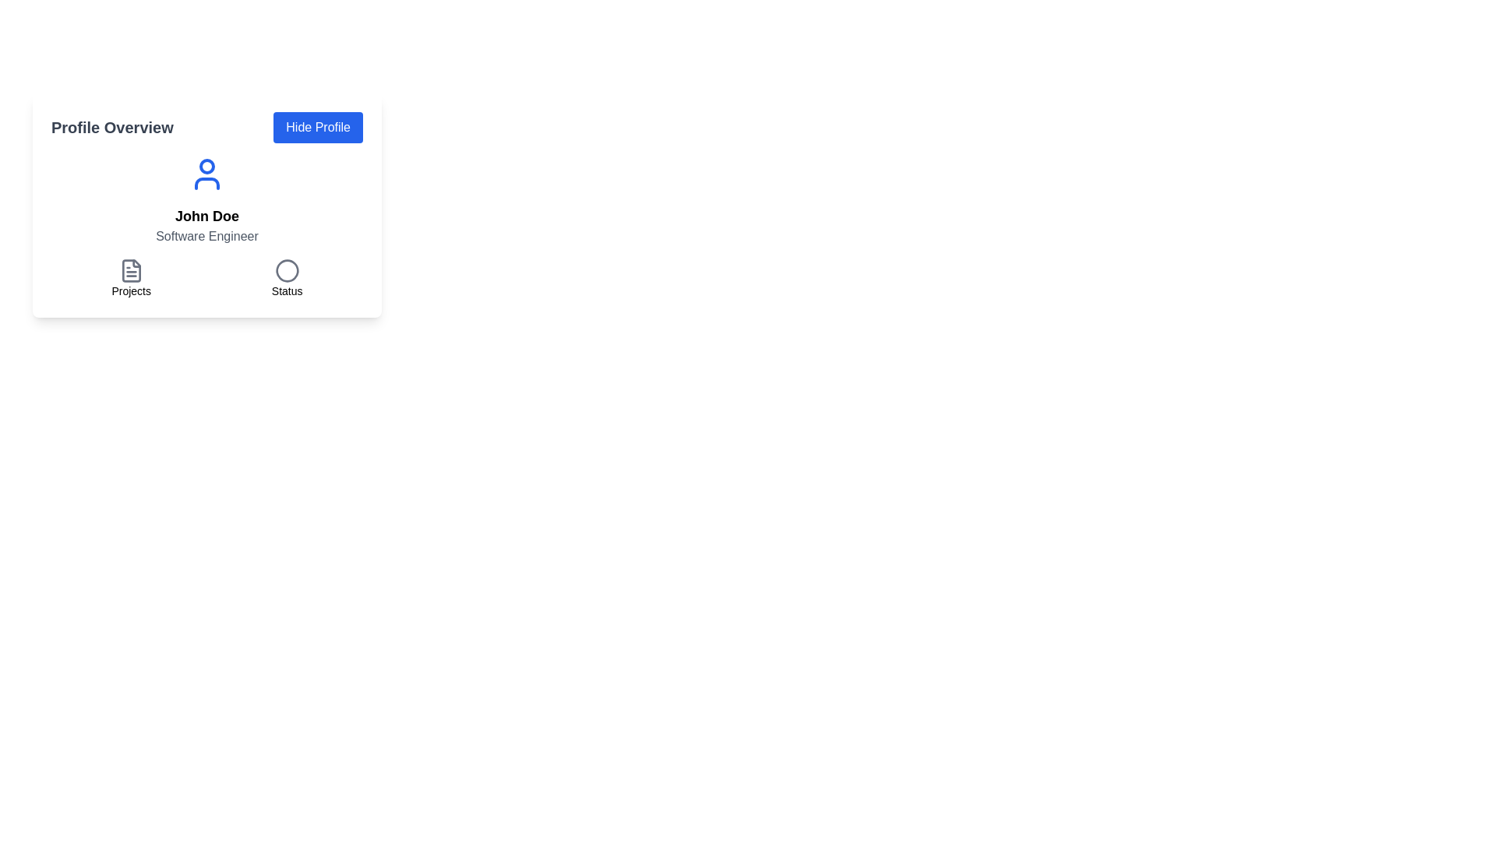  What do you see at coordinates (131, 291) in the screenshot?
I see `text label displaying 'Projects' which is positioned below a document icon in a vertical arrangement on the left side of the card layout` at bounding box center [131, 291].